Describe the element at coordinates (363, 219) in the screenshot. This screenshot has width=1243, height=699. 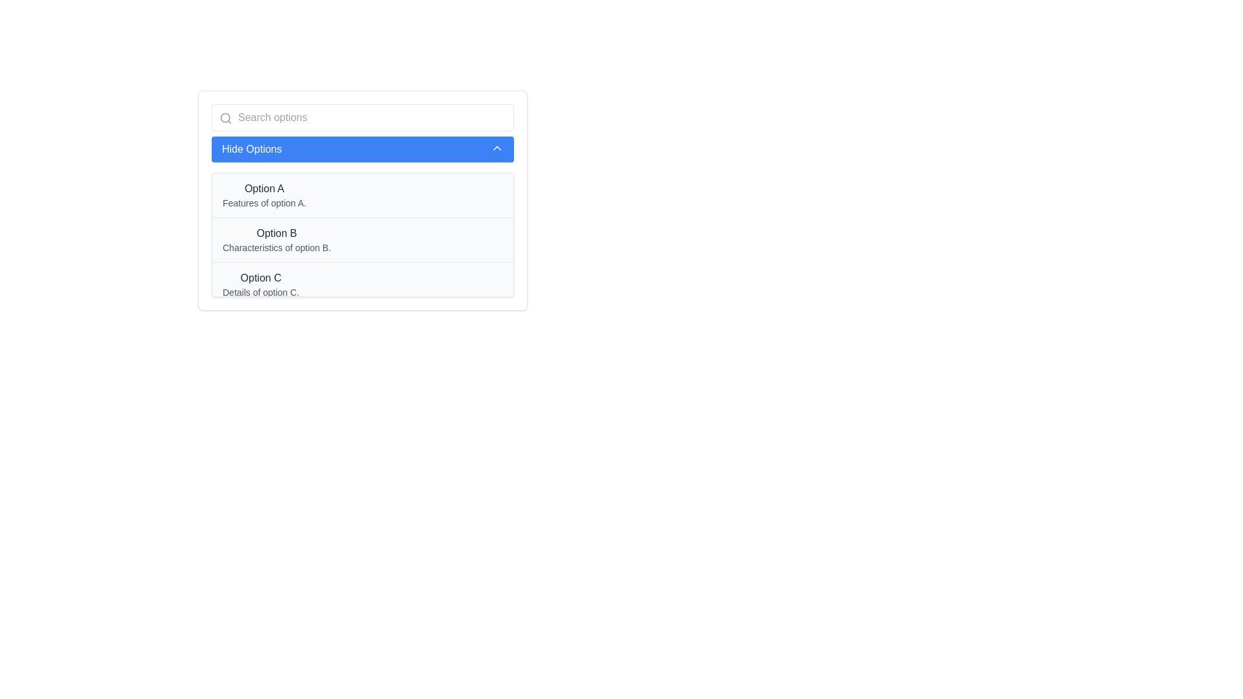
I see `the 'Option B' list item, which is the second entry in a vertical list` at that location.